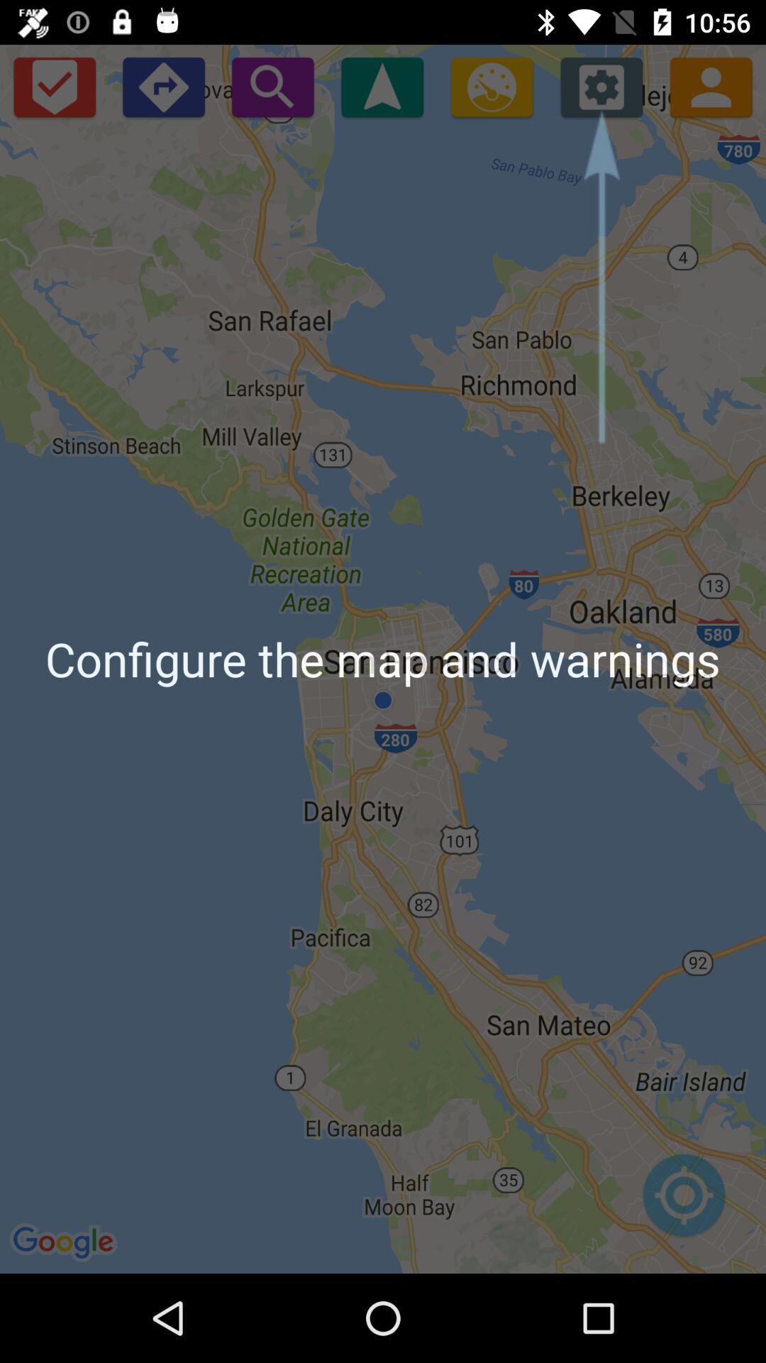 The height and width of the screenshot is (1363, 766). What do you see at coordinates (272, 86) in the screenshot?
I see `search` at bounding box center [272, 86].